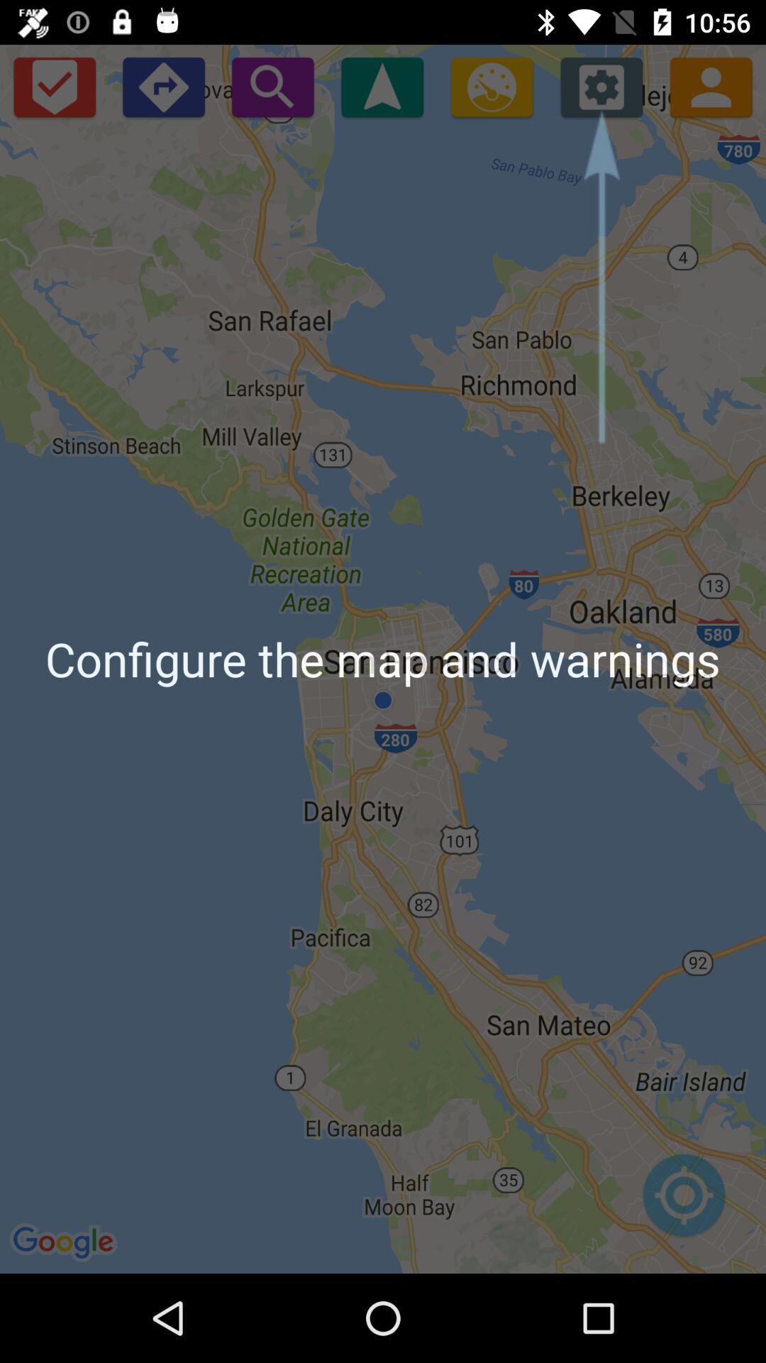 The height and width of the screenshot is (1363, 766). What do you see at coordinates (272, 86) in the screenshot?
I see `search` at bounding box center [272, 86].